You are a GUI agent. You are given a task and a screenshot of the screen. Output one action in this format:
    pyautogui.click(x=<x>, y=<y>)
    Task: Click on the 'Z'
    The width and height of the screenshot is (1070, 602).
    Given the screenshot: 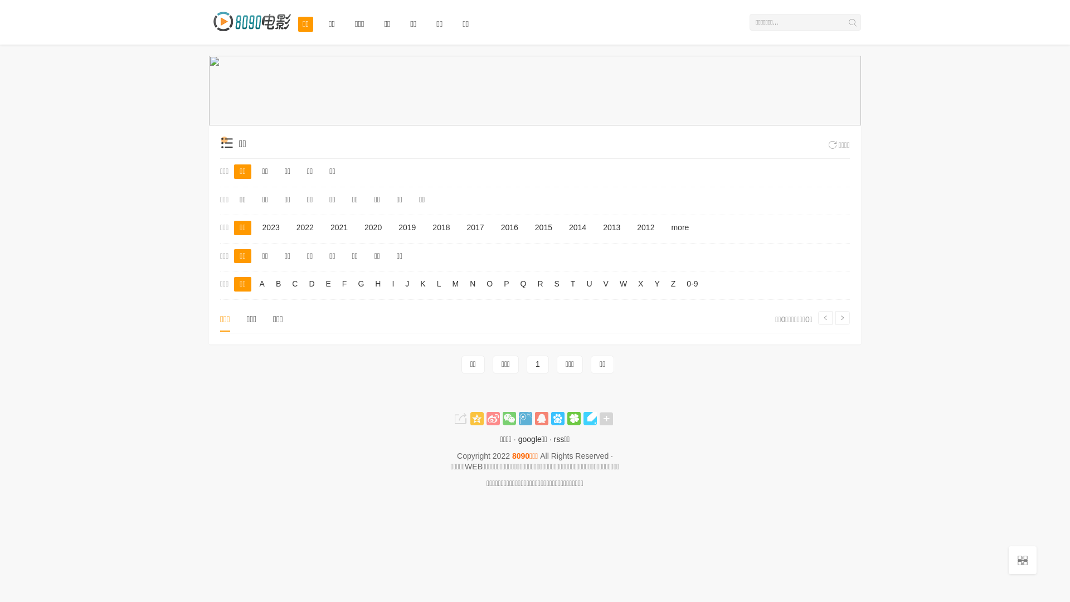 What is the action you would take?
    pyautogui.click(x=673, y=283)
    